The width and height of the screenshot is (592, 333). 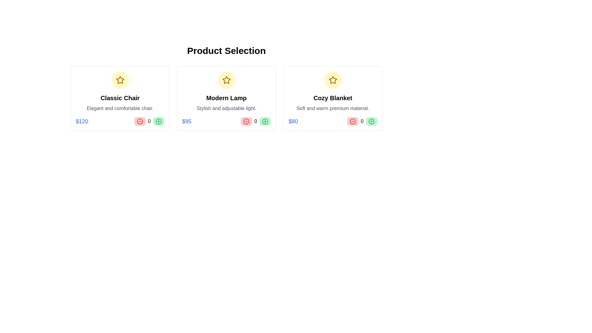 I want to click on the button located at the bottom-right corner of the 'Classic Chair' card, so click(x=158, y=121).